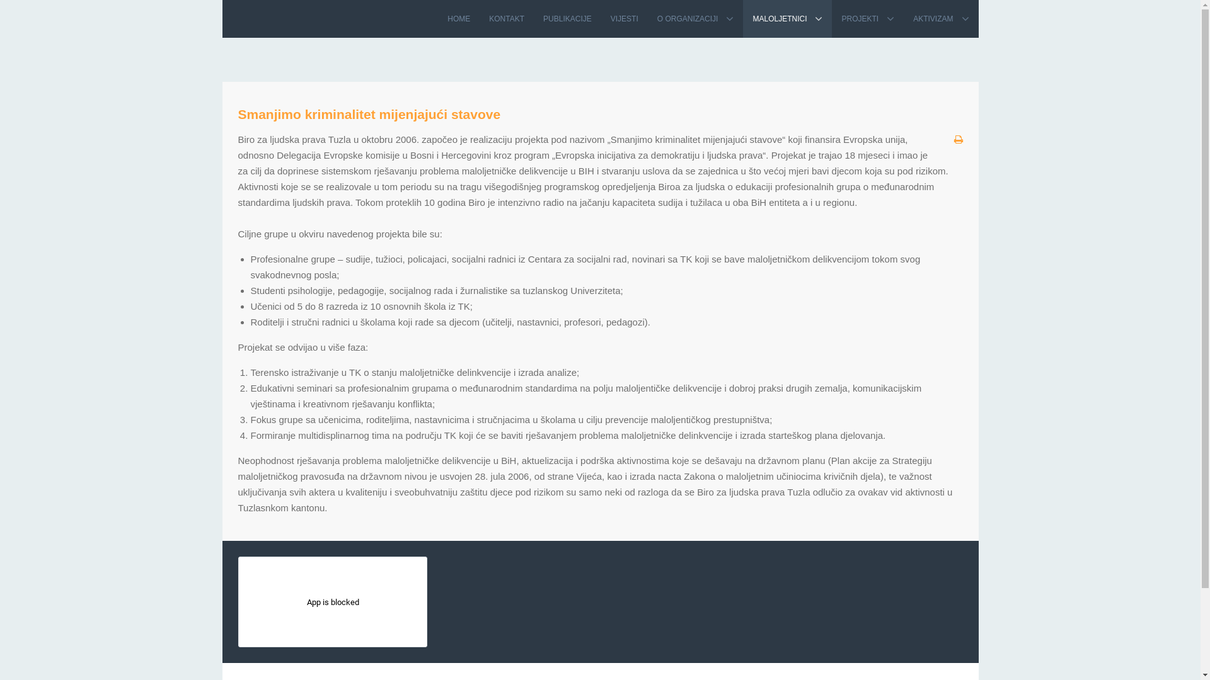  I want to click on 'VIJESTI', so click(624, 19).